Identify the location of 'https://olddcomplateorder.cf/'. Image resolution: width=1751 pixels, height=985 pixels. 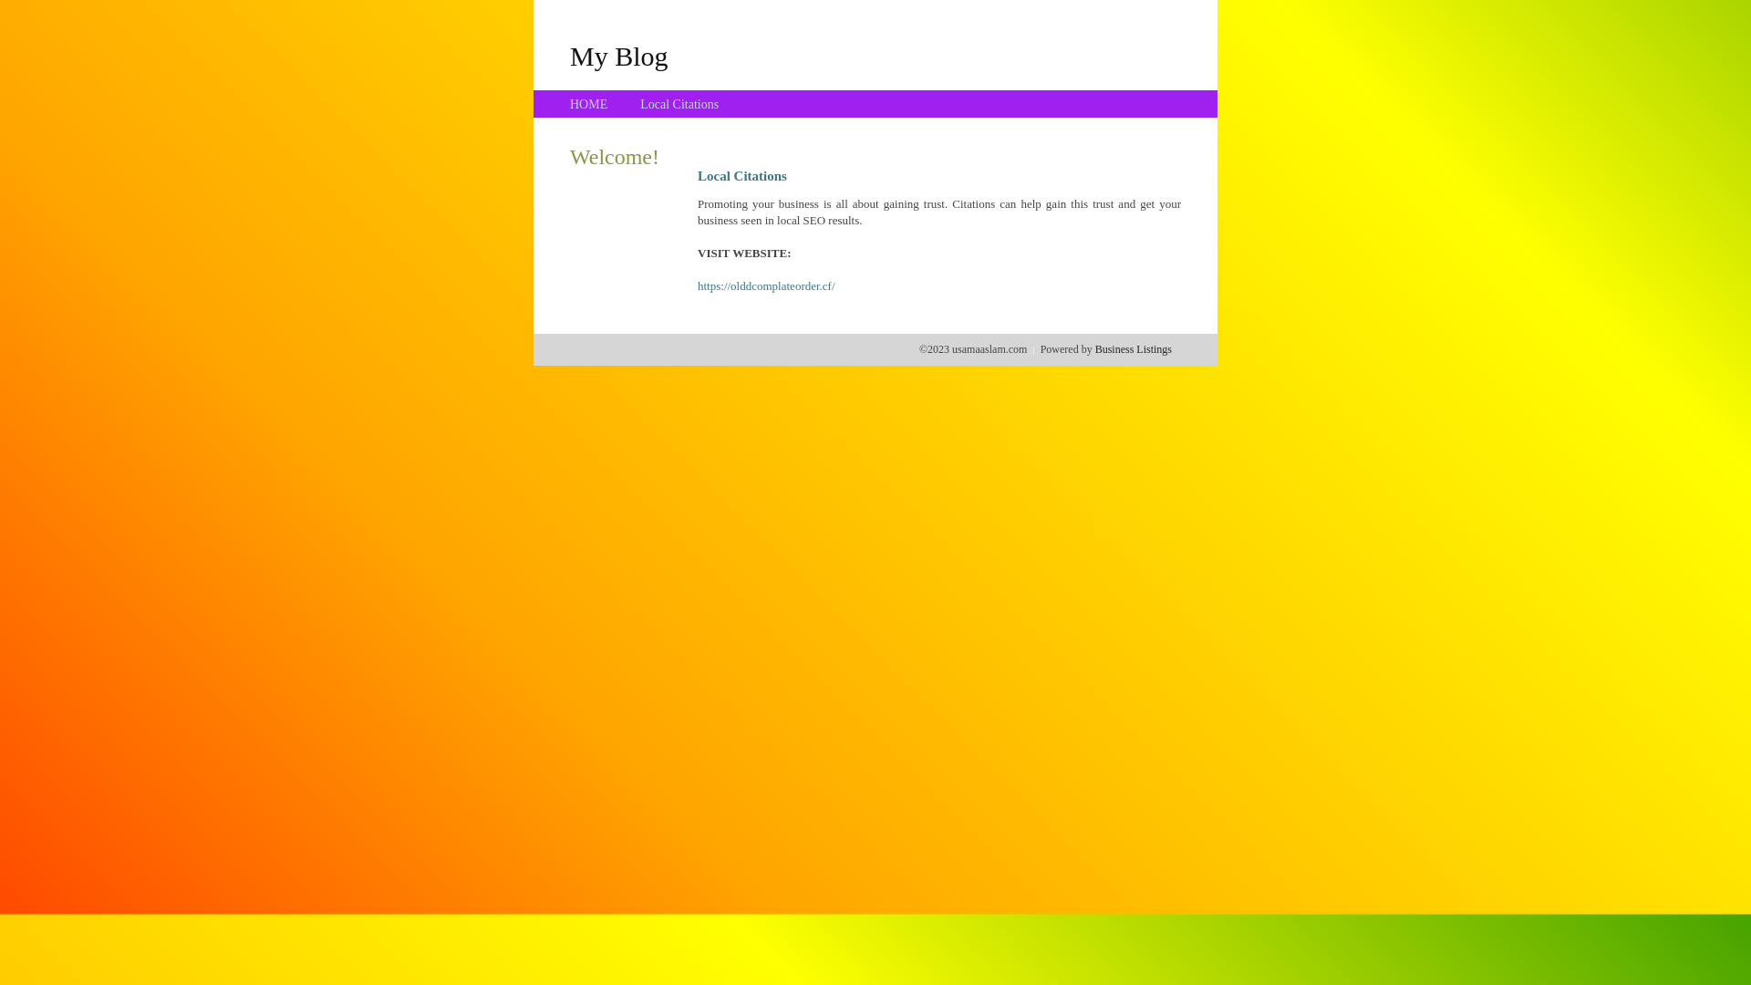
(766, 285).